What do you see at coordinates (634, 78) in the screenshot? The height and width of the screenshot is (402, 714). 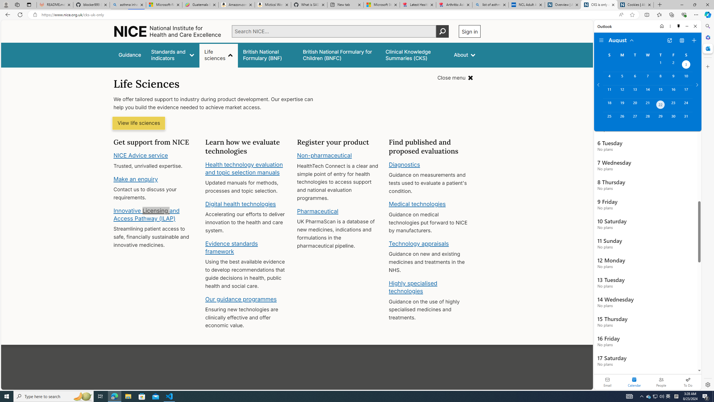 I see `'Tuesday, August 6, 2024. '` at bounding box center [634, 78].